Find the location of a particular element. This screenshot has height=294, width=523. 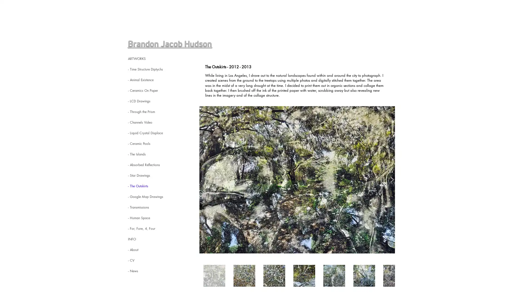

Outskirts V is located at coordinates (297, 179).